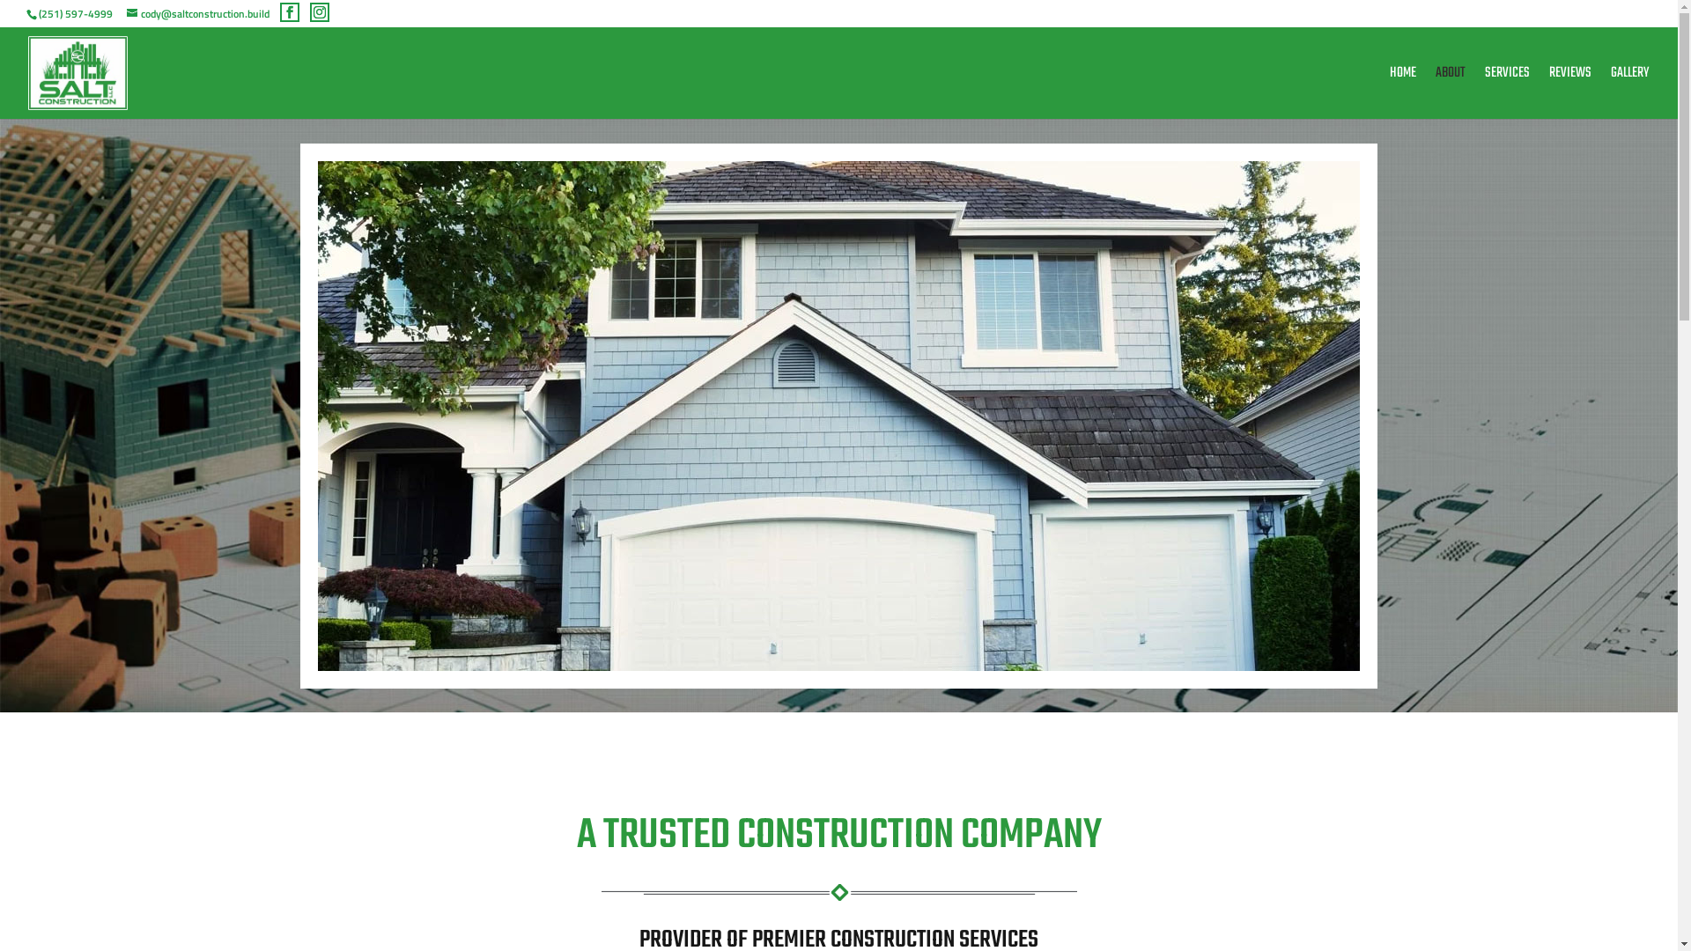 This screenshot has width=1691, height=951. What do you see at coordinates (1506, 92) in the screenshot?
I see `'SERVICES'` at bounding box center [1506, 92].